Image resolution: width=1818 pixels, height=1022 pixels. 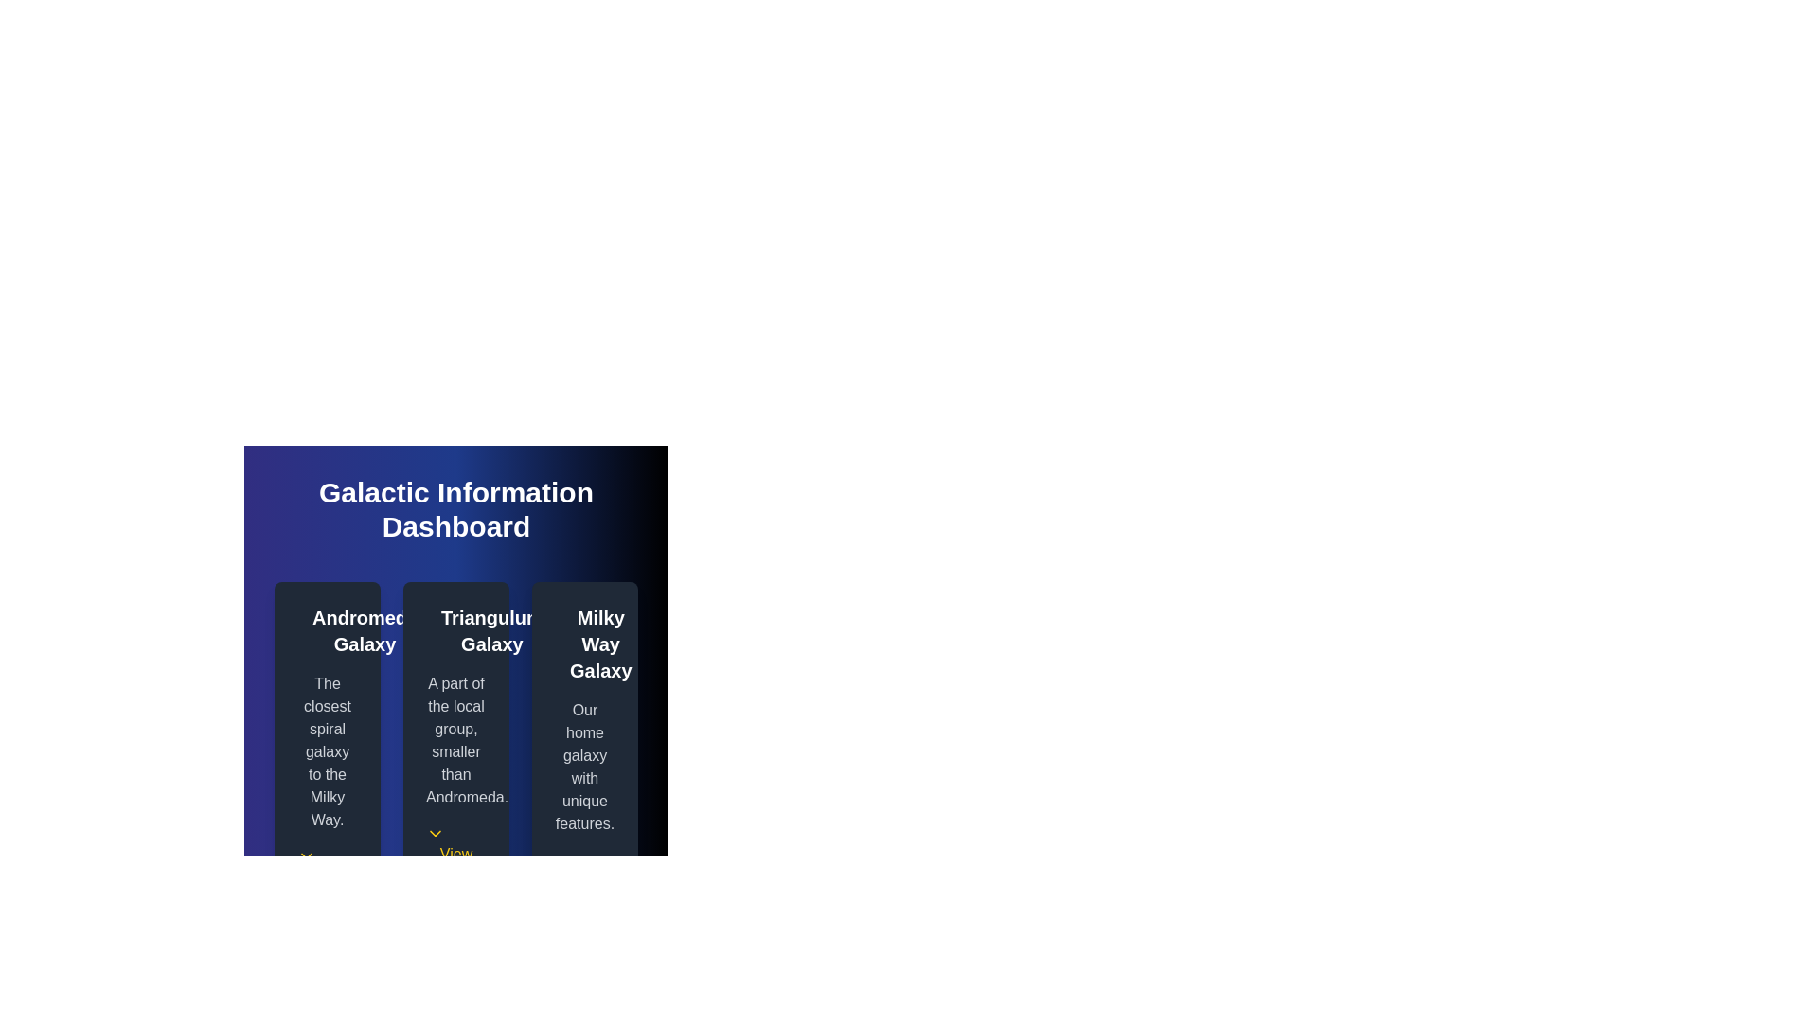 What do you see at coordinates (436, 627) in the screenshot?
I see `the curving line forming a symmetrical pattern inside the yellow globe icon located in the 'Triangulum Galaxy' panel` at bounding box center [436, 627].